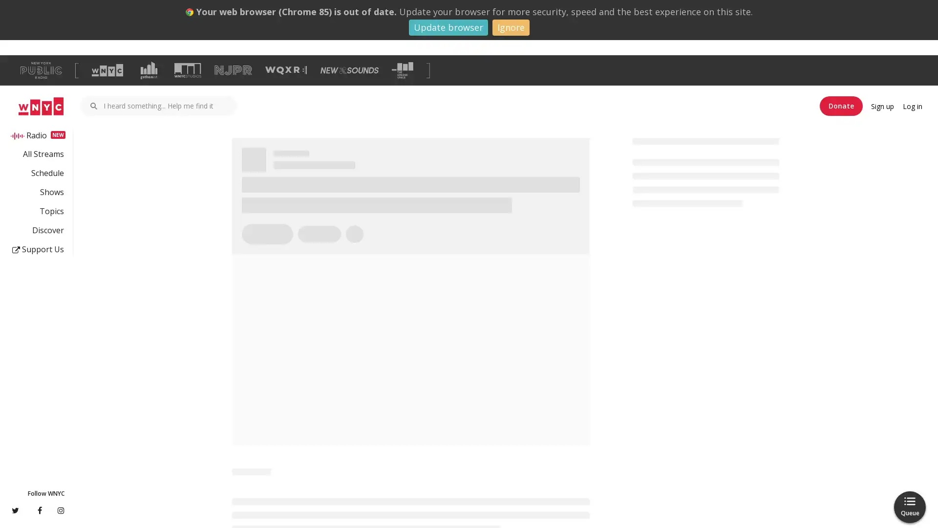 The width and height of the screenshot is (938, 528). Describe the element at coordinates (909, 506) in the screenshot. I see `Queue` at that location.